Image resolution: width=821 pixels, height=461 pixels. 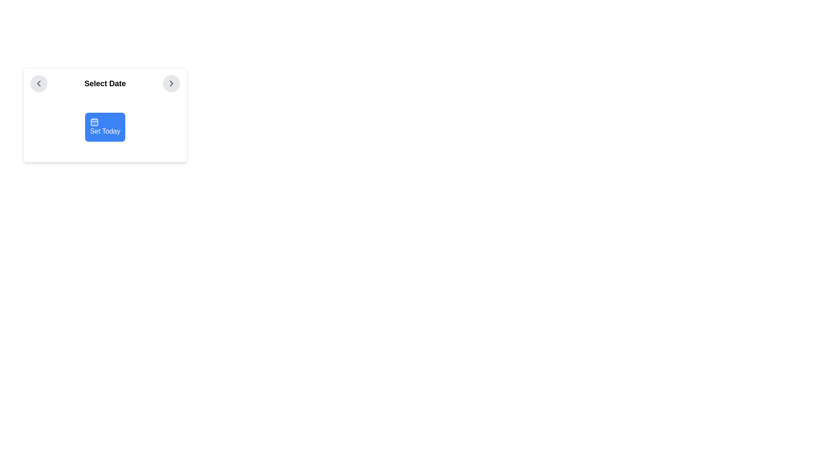 What do you see at coordinates (104, 127) in the screenshot?
I see `the 'Set Today' button located directly beneath the 'Select Date' title` at bounding box center [104, 127].